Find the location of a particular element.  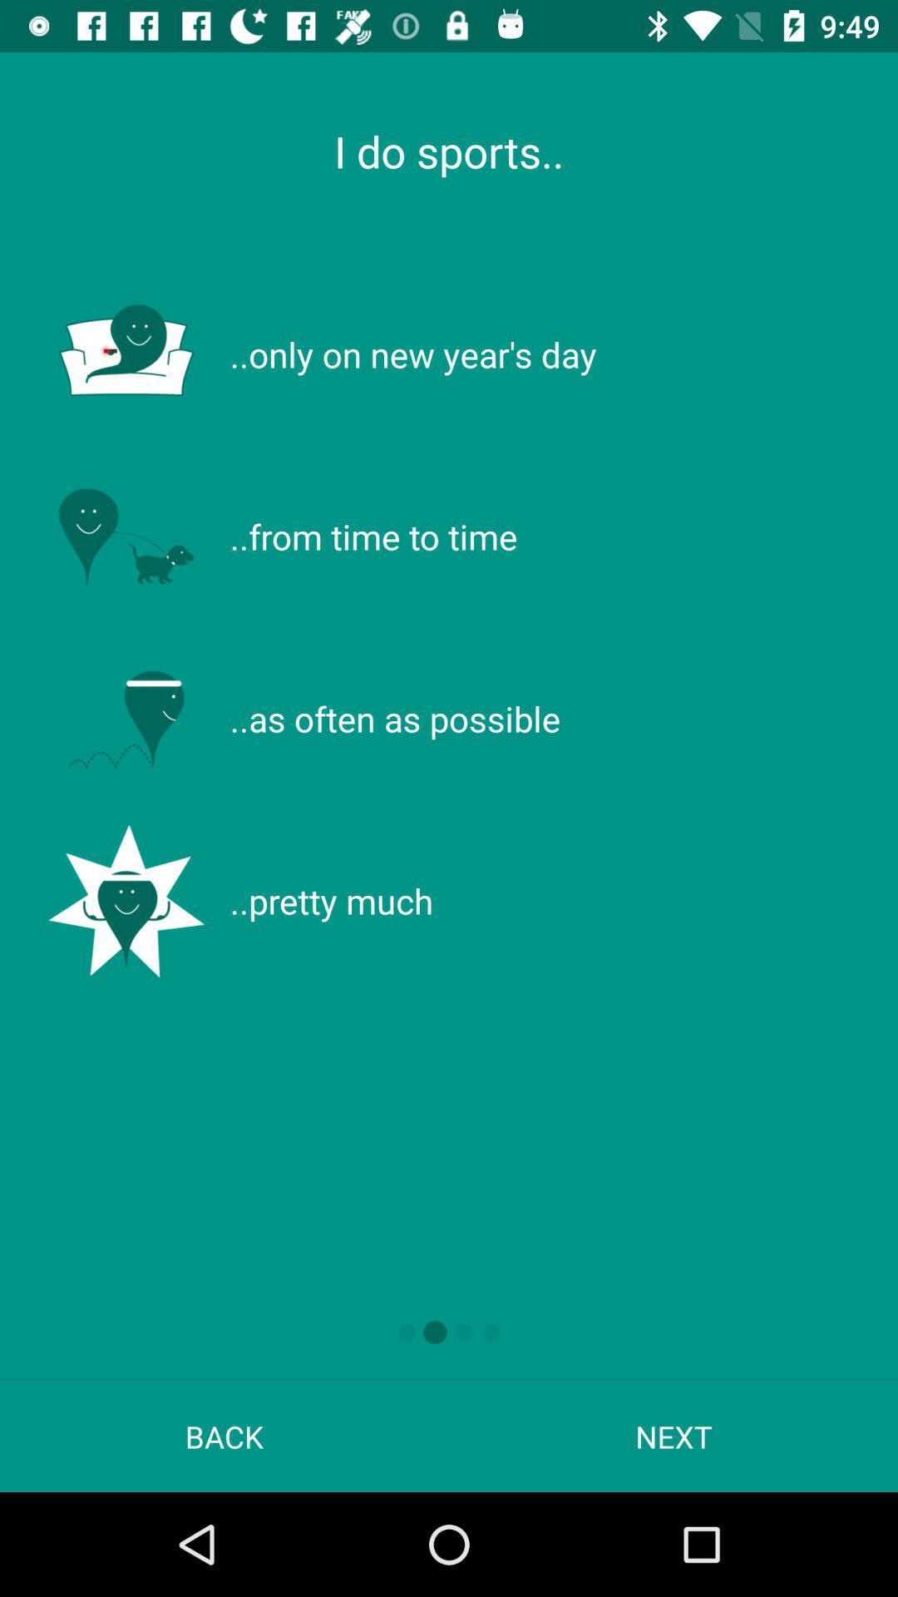

back at the bottom left corner is located at coordinates (224, 1436).